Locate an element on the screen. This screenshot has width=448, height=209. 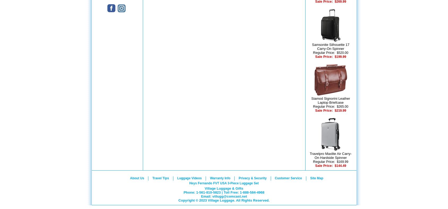
'$144.49' is located at coordinates (340, 165).